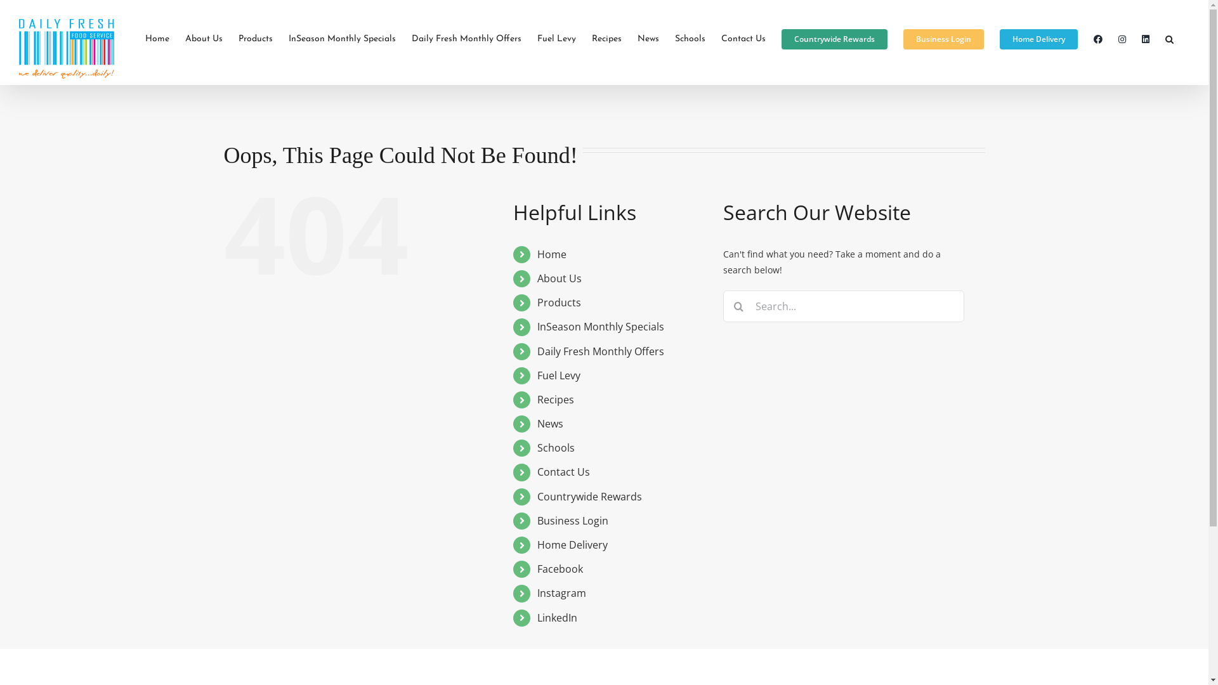  I want to click on 'Daily Fresh Monthly Offers', so click(466, 38).